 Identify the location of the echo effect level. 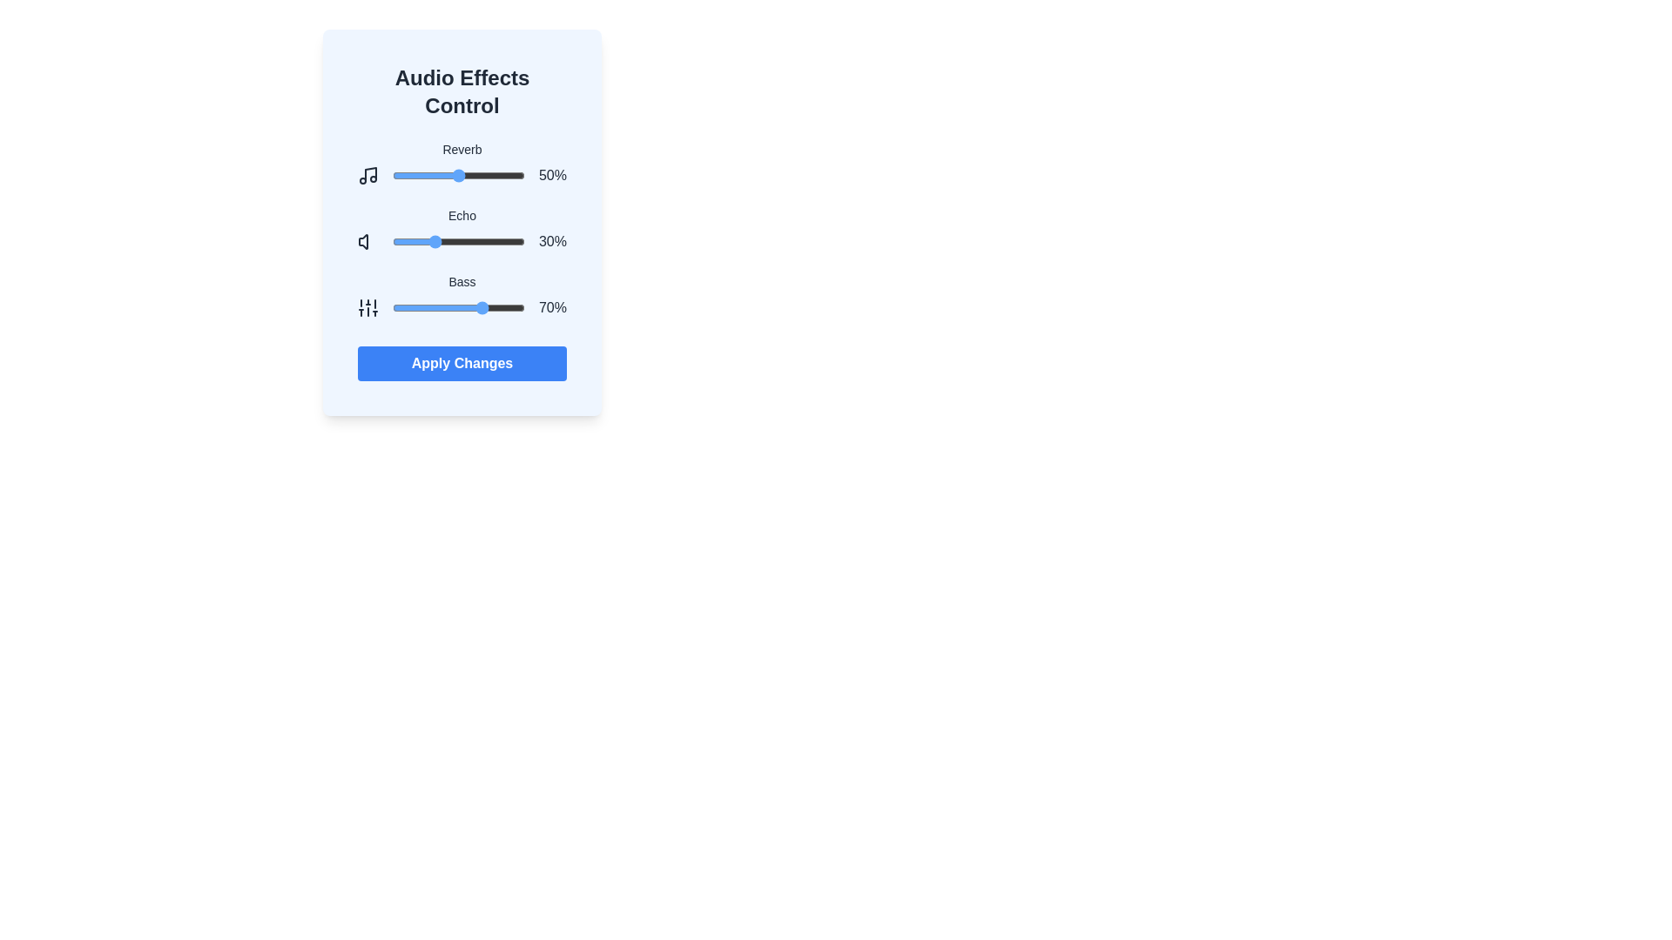
(468, 241).